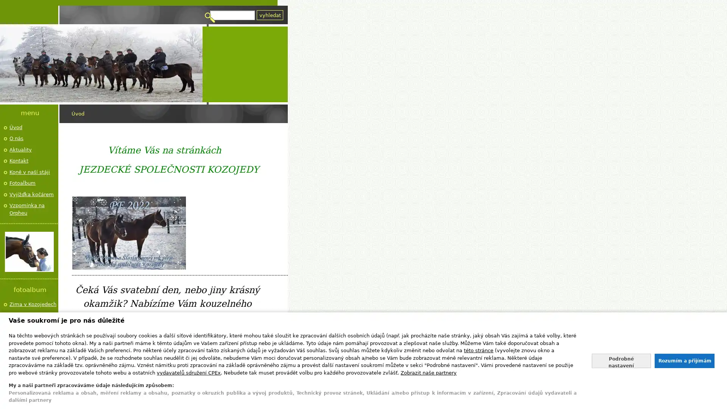  I want to click on Zobrazit nase partnery, so click(429, 372).